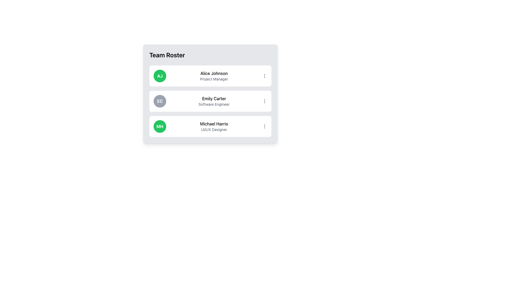  I want to click on the Avatar or User Badge for user 'Michael Harris', which is the leftmost item in the third row of a vertical list of user profiles, so click(160, 126).